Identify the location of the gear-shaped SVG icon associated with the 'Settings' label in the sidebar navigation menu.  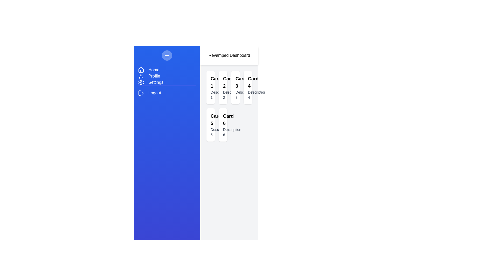
(141, 82).